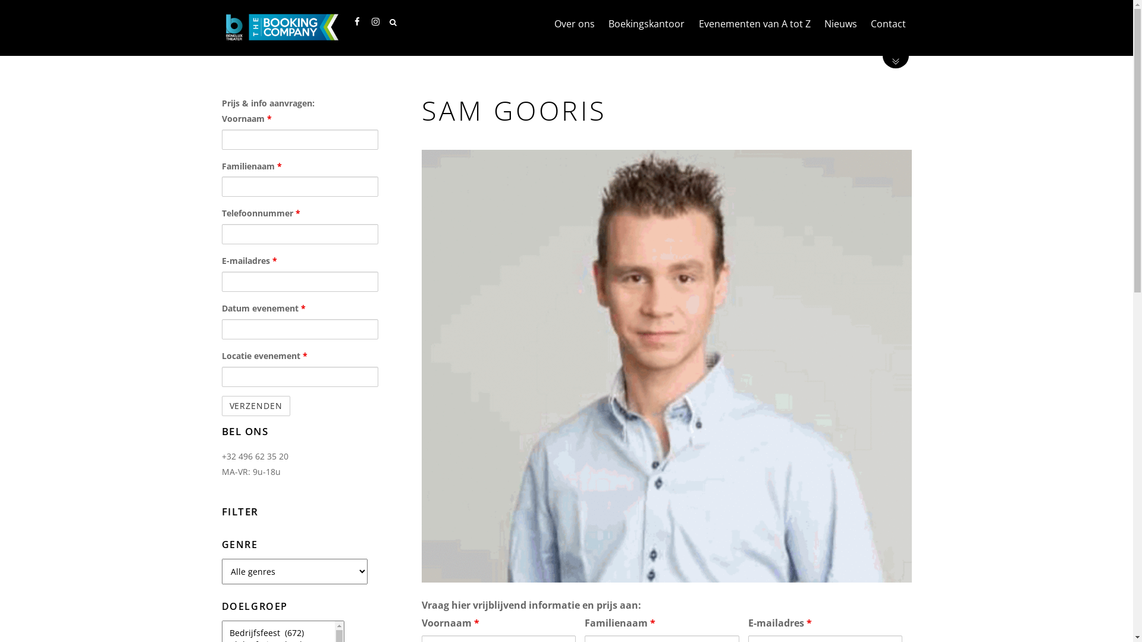 The width and height of the screenshot is (1142, 642). Describe the element at coordinates (280, 34) in the screenshot. I see `'Benelux Theater'` at that location.